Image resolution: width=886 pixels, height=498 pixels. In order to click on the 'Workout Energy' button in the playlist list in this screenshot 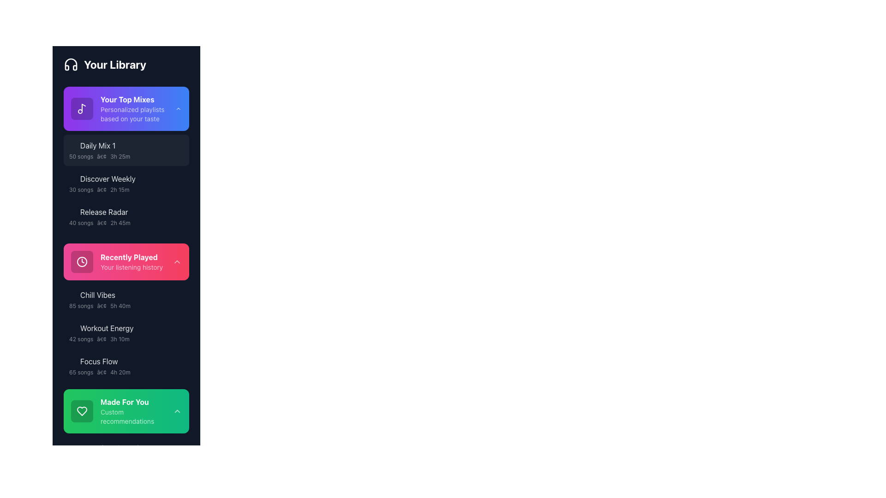, I will do `click(126, 332)`.